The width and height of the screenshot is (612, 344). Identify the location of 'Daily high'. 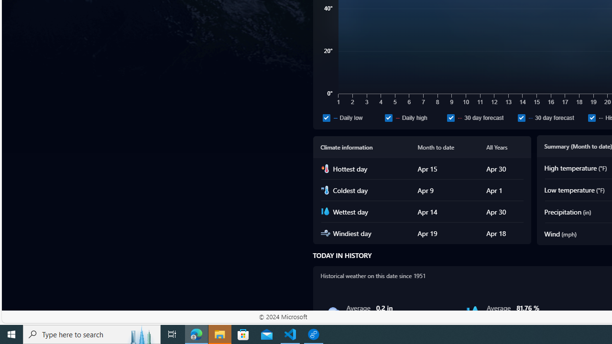
(388, 117).